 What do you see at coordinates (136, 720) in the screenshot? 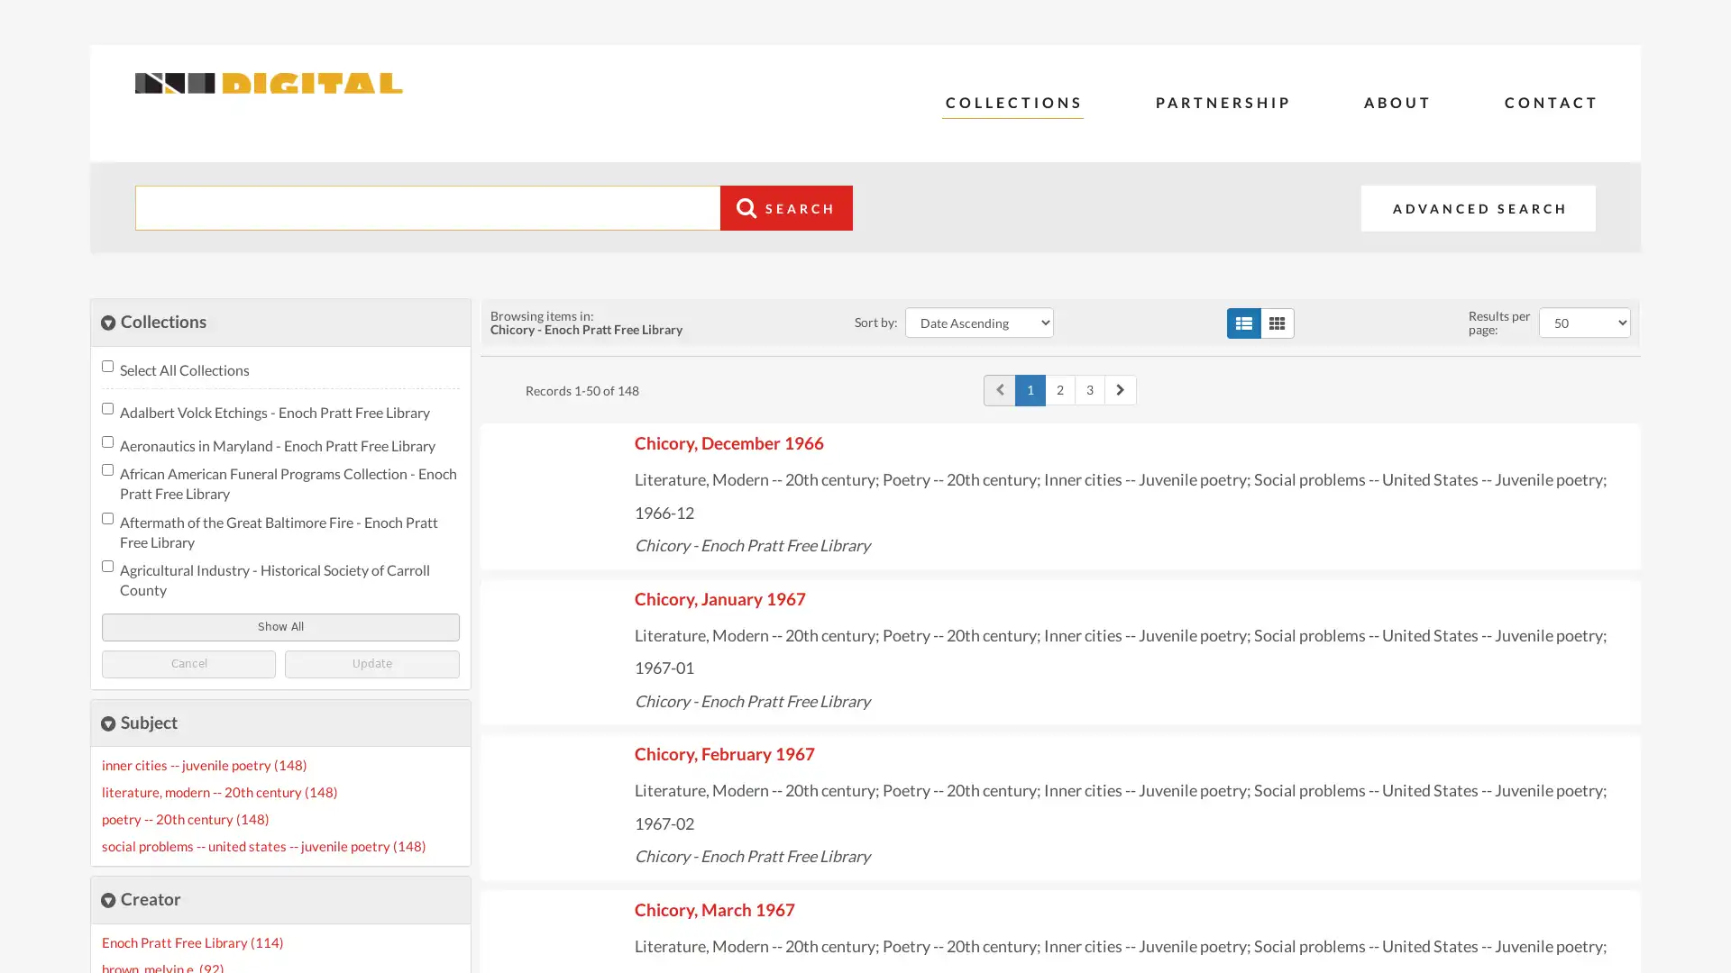
I see `close Subject Facet details` at bounding box center [136, 720].